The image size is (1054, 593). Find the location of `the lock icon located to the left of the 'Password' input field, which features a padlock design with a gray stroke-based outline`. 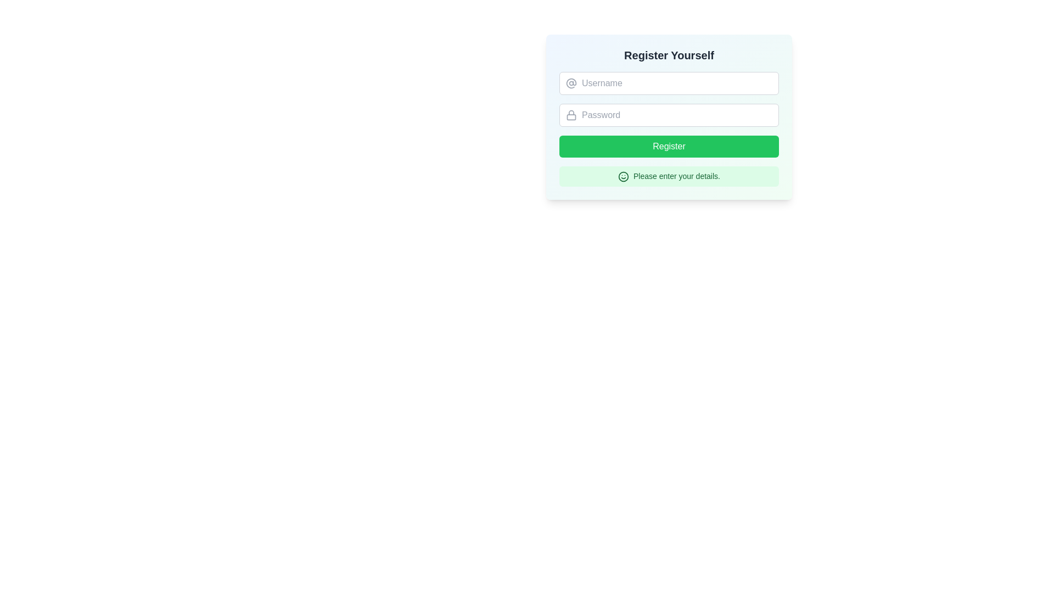

the lock icon located to the left of the 'Password' input field, which features a padlock design with a gray stroke-based outline is located at coordinates (571, 115).